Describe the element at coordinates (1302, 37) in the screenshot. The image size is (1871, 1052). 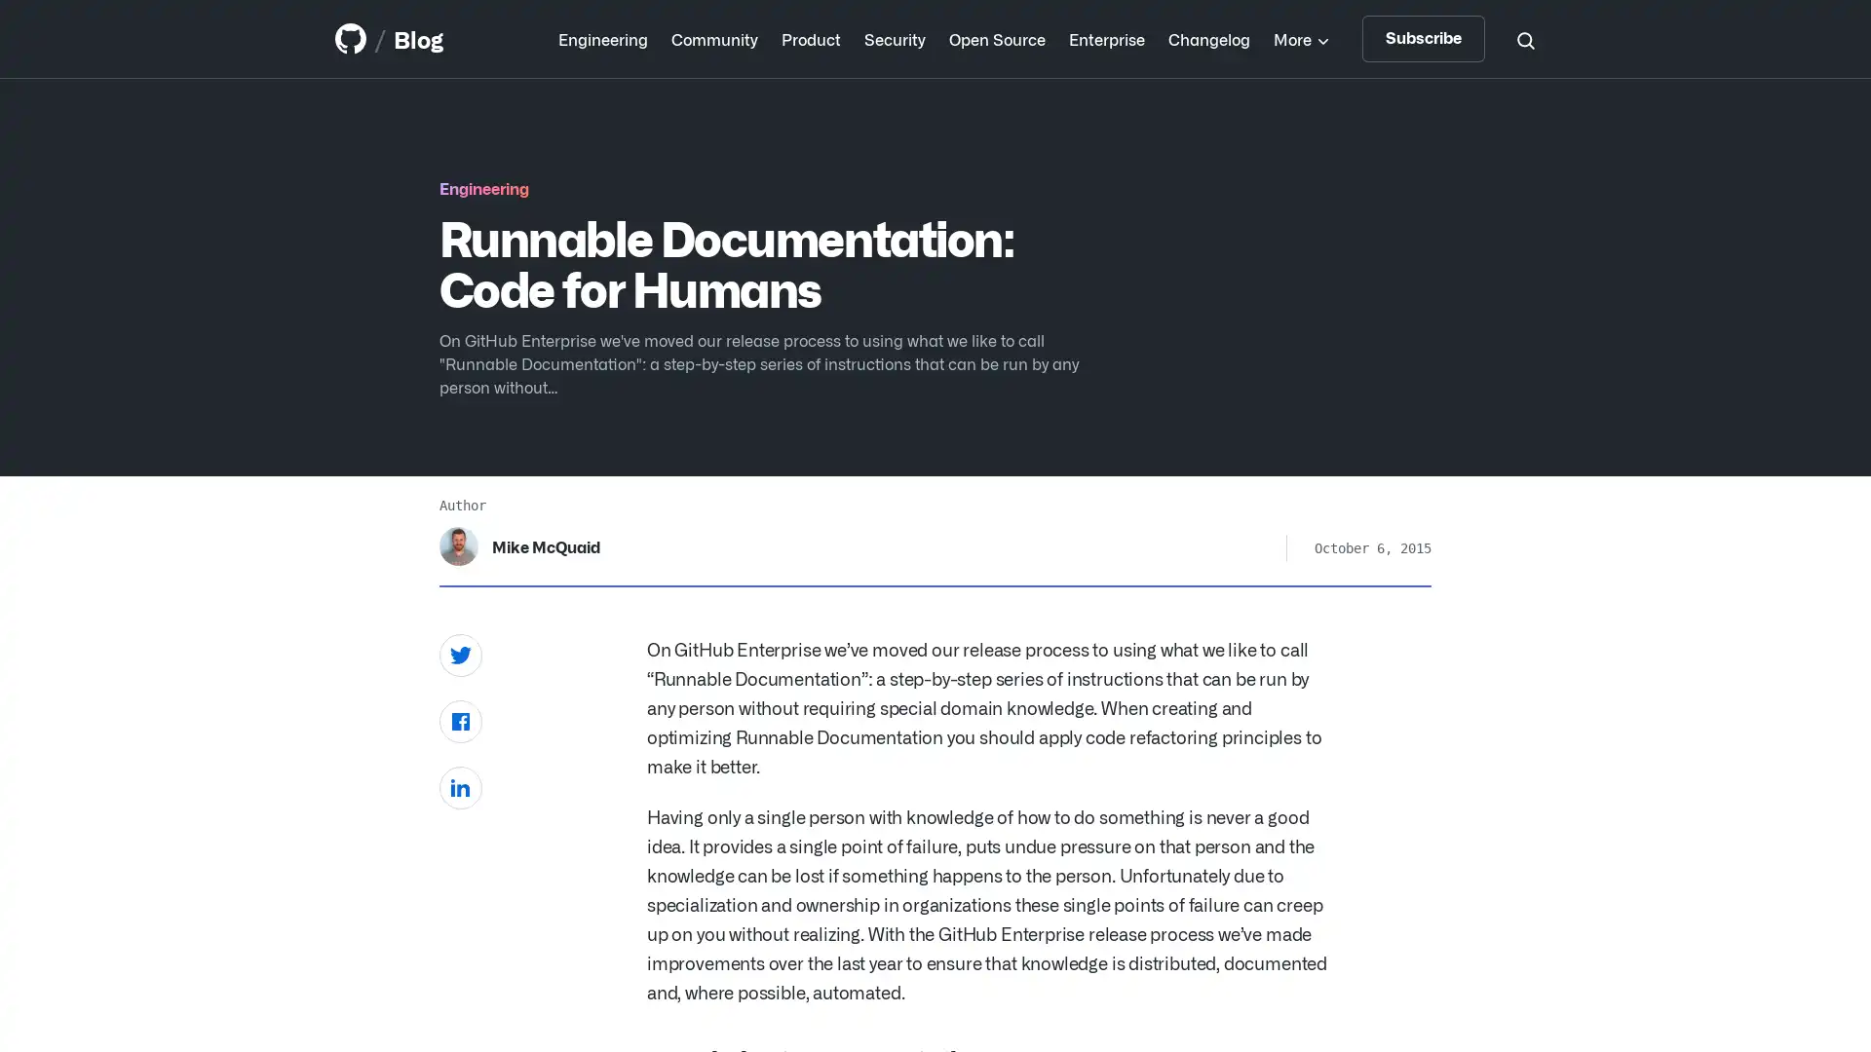
I see `More` at that location.